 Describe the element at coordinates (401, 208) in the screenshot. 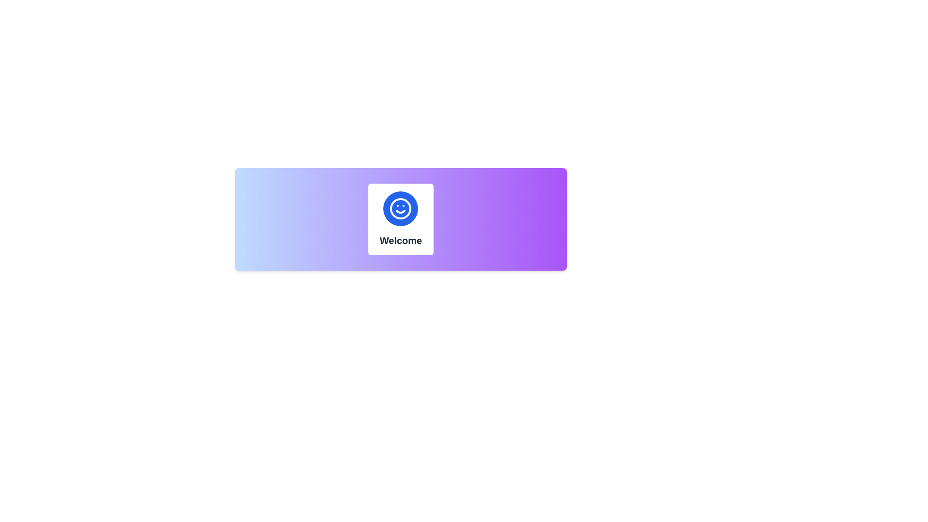

I see `the circular blue icon with a white smiley face located at the top-center of the white card background, which features a 'Welcome' label below it` at that location.